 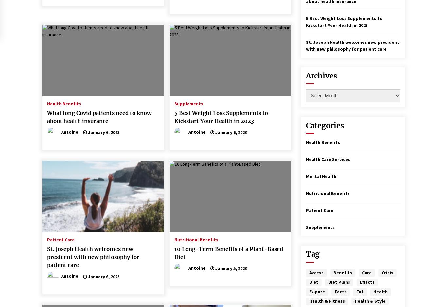 I want to click on 'benefits', so click(x=342, y=272).